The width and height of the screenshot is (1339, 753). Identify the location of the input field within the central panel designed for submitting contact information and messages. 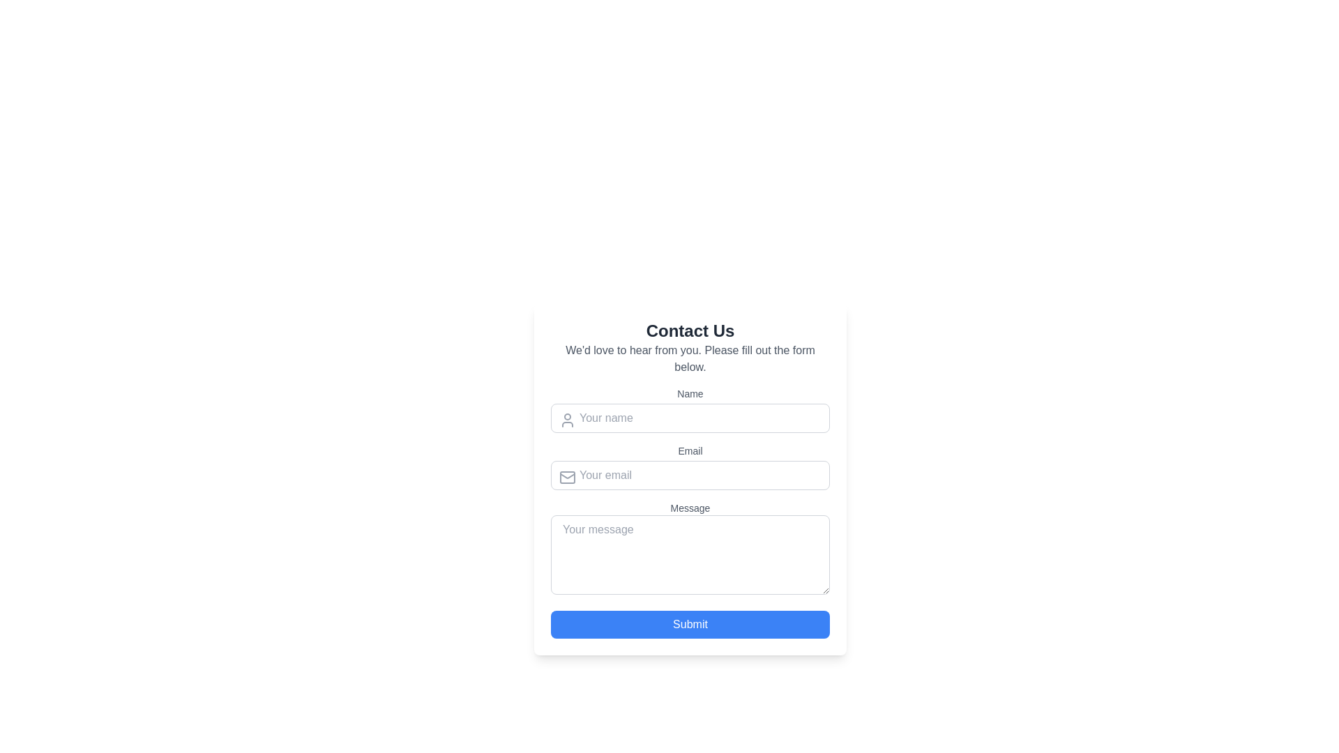
(690, 478).